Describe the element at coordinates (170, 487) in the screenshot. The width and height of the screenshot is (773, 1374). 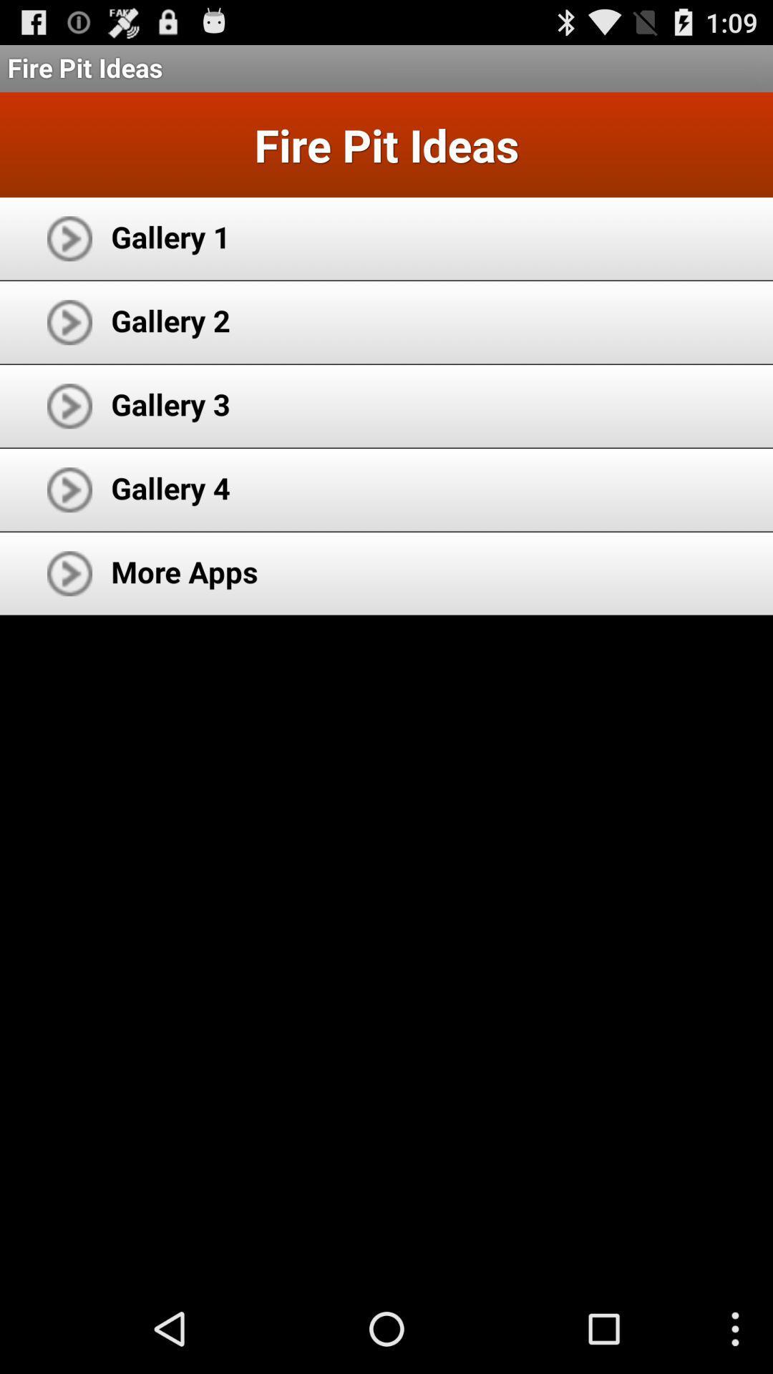
I see `the icon below gallery 3 app` at that location.